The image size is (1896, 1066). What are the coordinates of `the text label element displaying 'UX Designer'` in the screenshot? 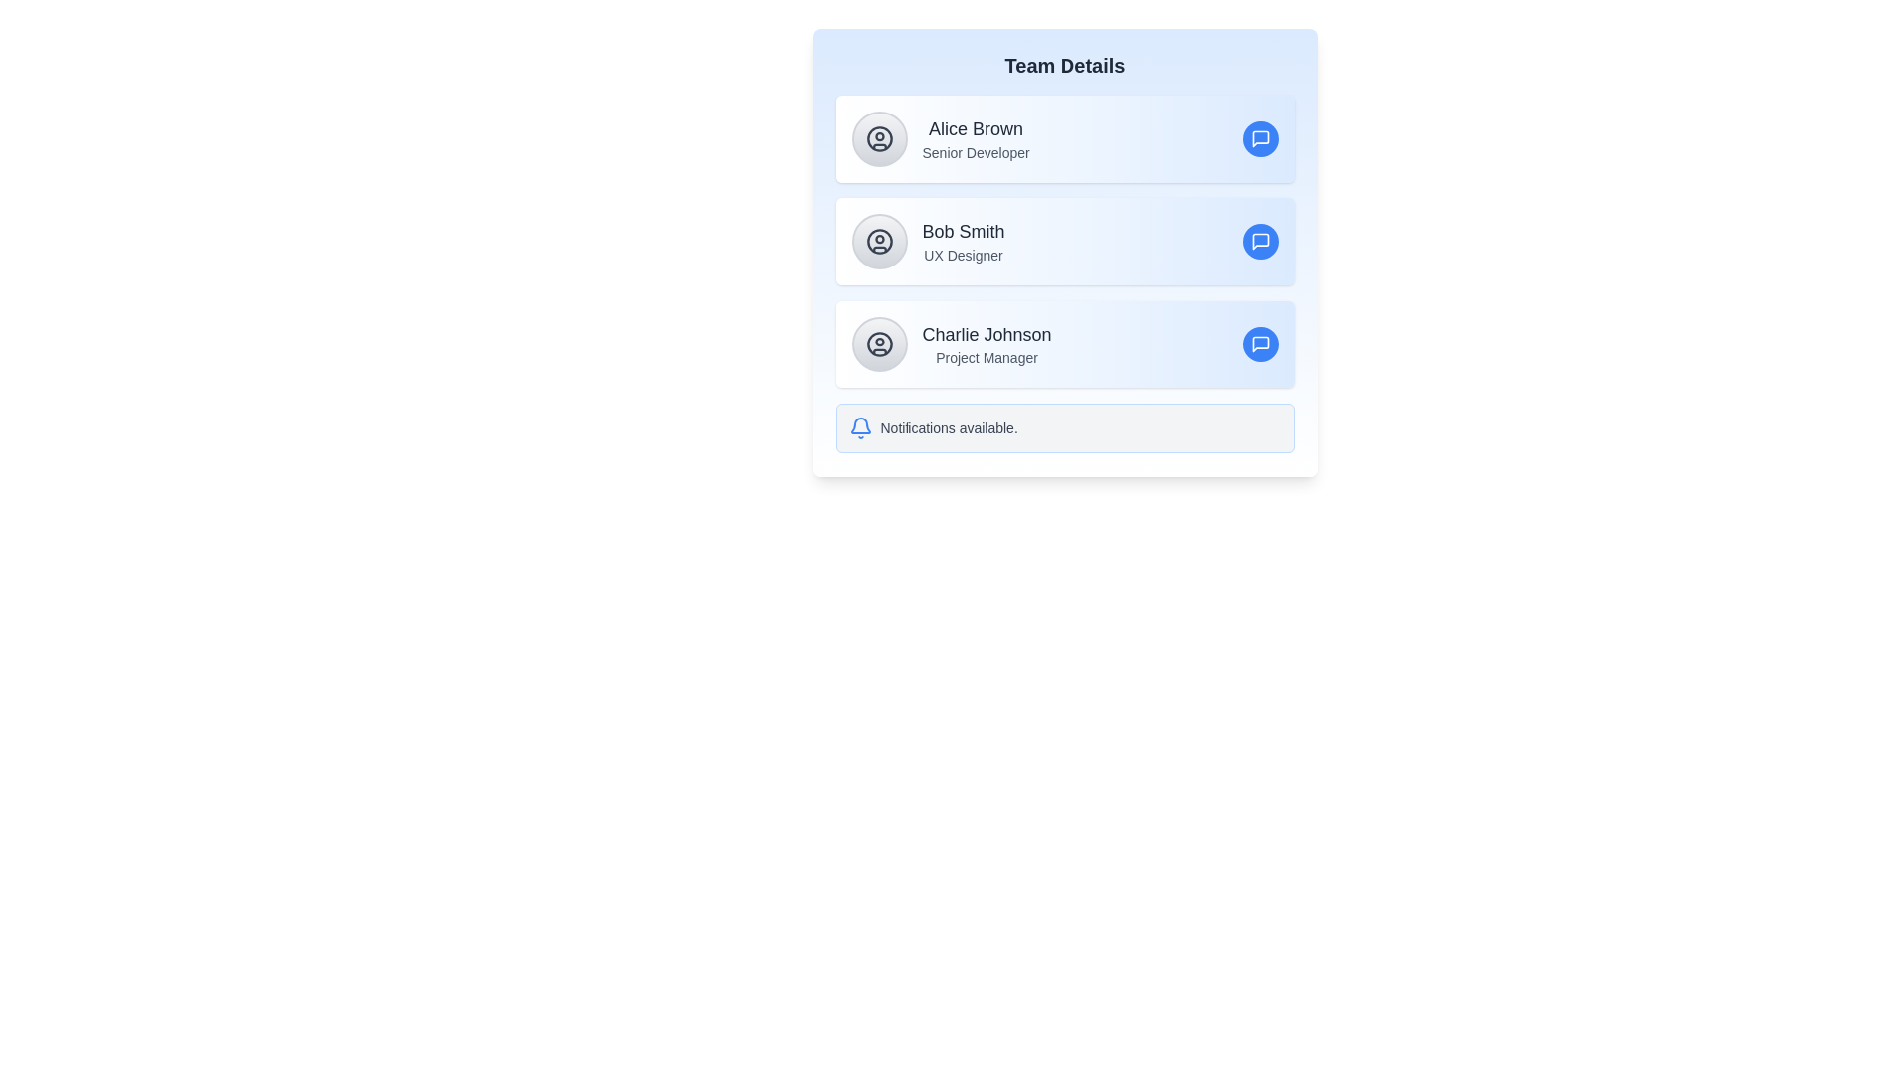 It's located at (963, 254).